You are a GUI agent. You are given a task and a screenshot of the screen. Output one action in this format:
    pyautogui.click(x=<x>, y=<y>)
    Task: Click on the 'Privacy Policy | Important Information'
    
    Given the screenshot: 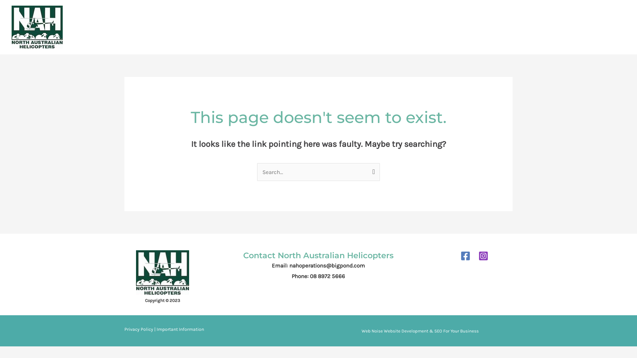 What is the action you would take?
    pyautogui.click(x=164, y=329)
    